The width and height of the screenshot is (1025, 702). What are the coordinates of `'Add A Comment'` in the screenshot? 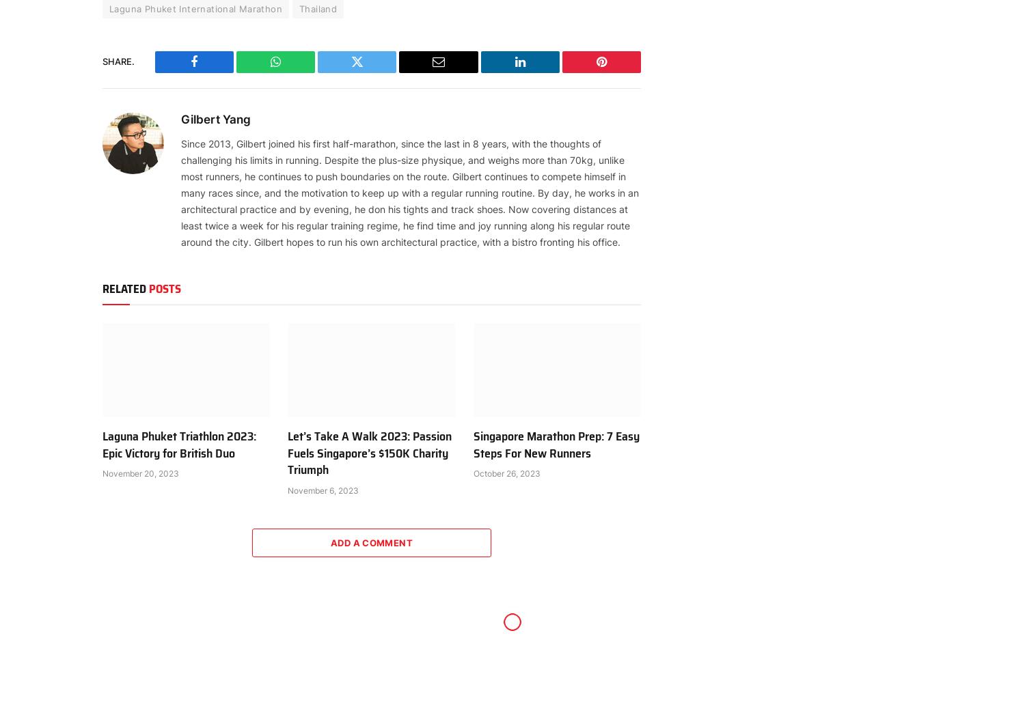 It's located at (329, 541).